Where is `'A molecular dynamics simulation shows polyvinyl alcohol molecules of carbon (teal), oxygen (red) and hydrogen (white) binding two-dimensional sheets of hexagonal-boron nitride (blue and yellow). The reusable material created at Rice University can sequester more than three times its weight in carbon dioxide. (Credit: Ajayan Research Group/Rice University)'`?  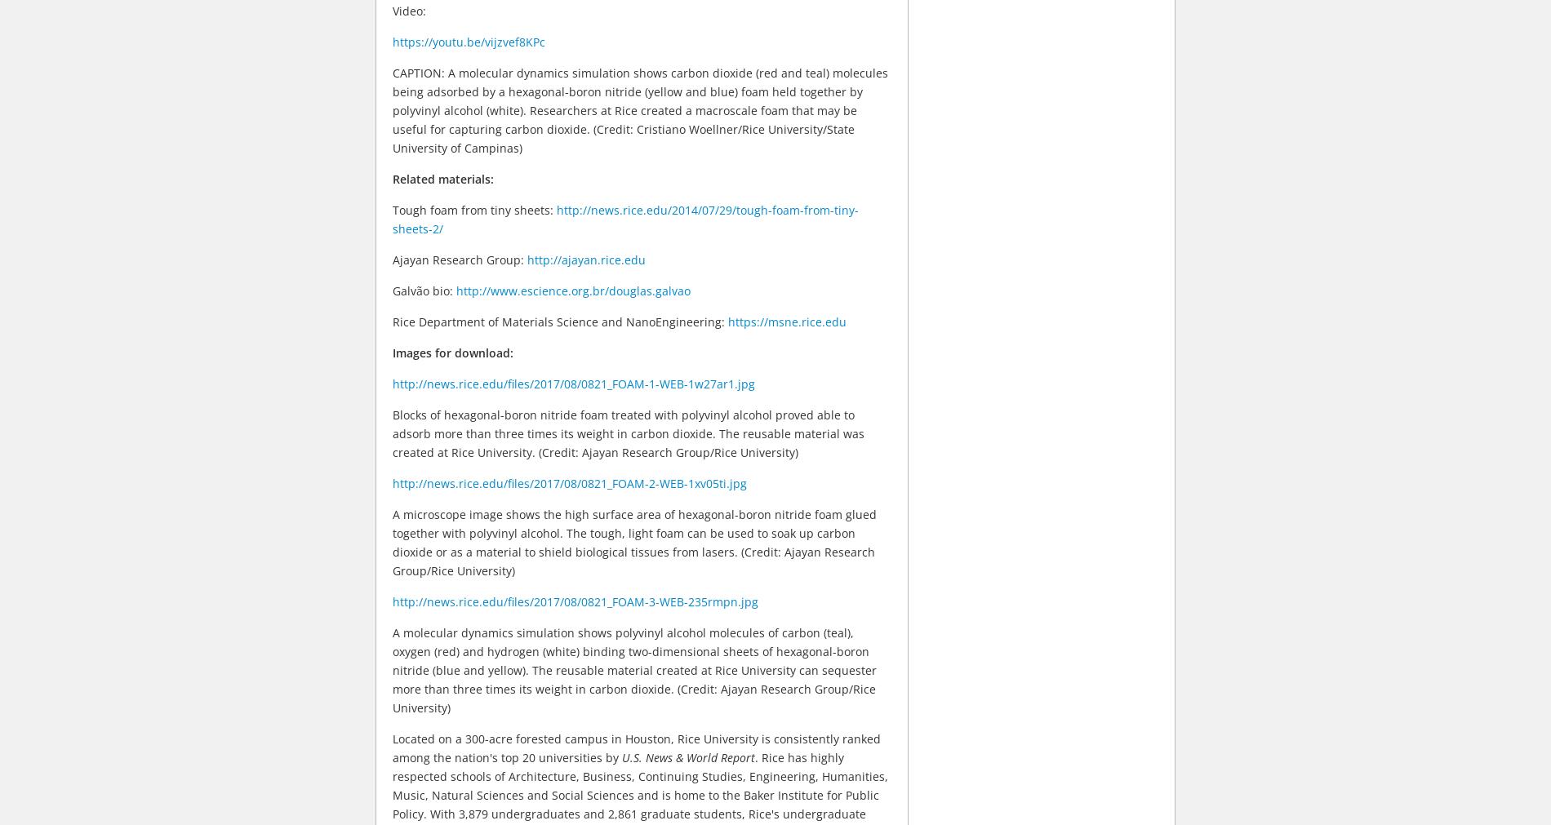
'A molecular dynamics simulation shows polyvinyl alcohol molecules of carbon (teal), oxygen (red) and hydrogen (white) binding two-dimensional sheets of hexagonal-boron nitride (blue and yellow). The reusable material created at Rice University can sequester more than three times its weight in carbon dioxide. (Credit: Ajayan Research Group/Rice University)' is located at coordinates (633, 668).